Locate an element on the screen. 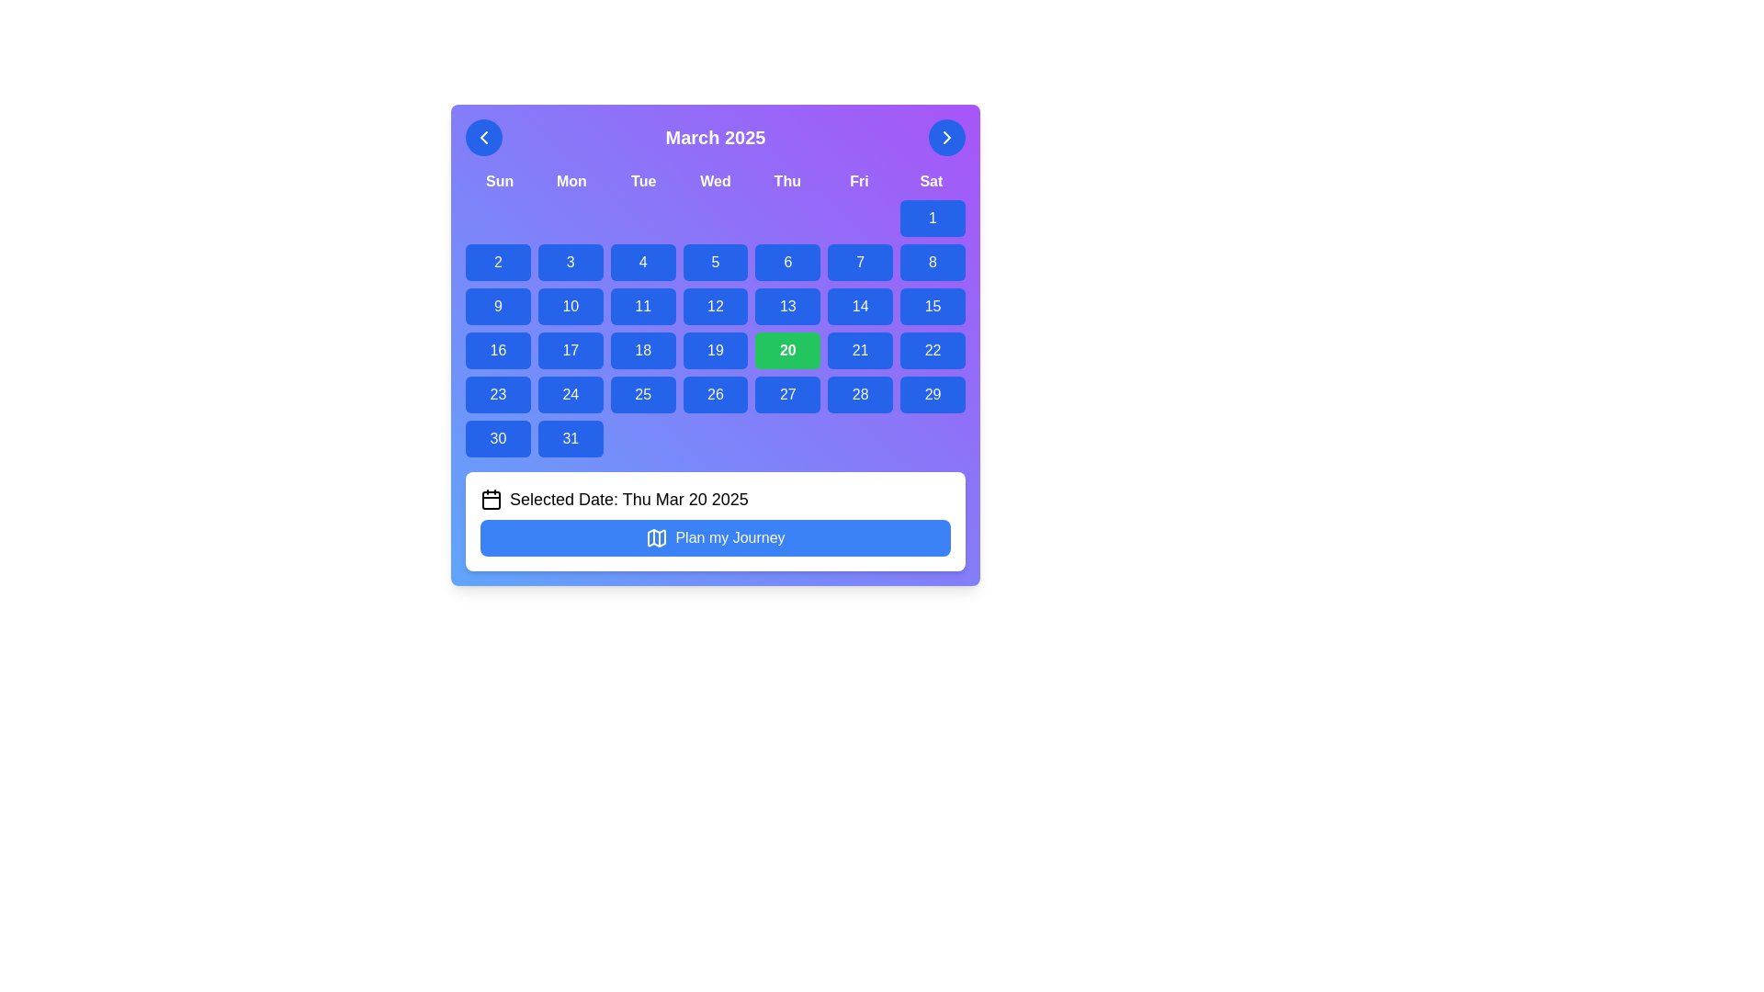  the calendar icon representing the selected date in the sentence 'Selected Date: Thu Mar 20 2025' located next to the 'Plan my Journey' button is located at coordinates (491, 499).